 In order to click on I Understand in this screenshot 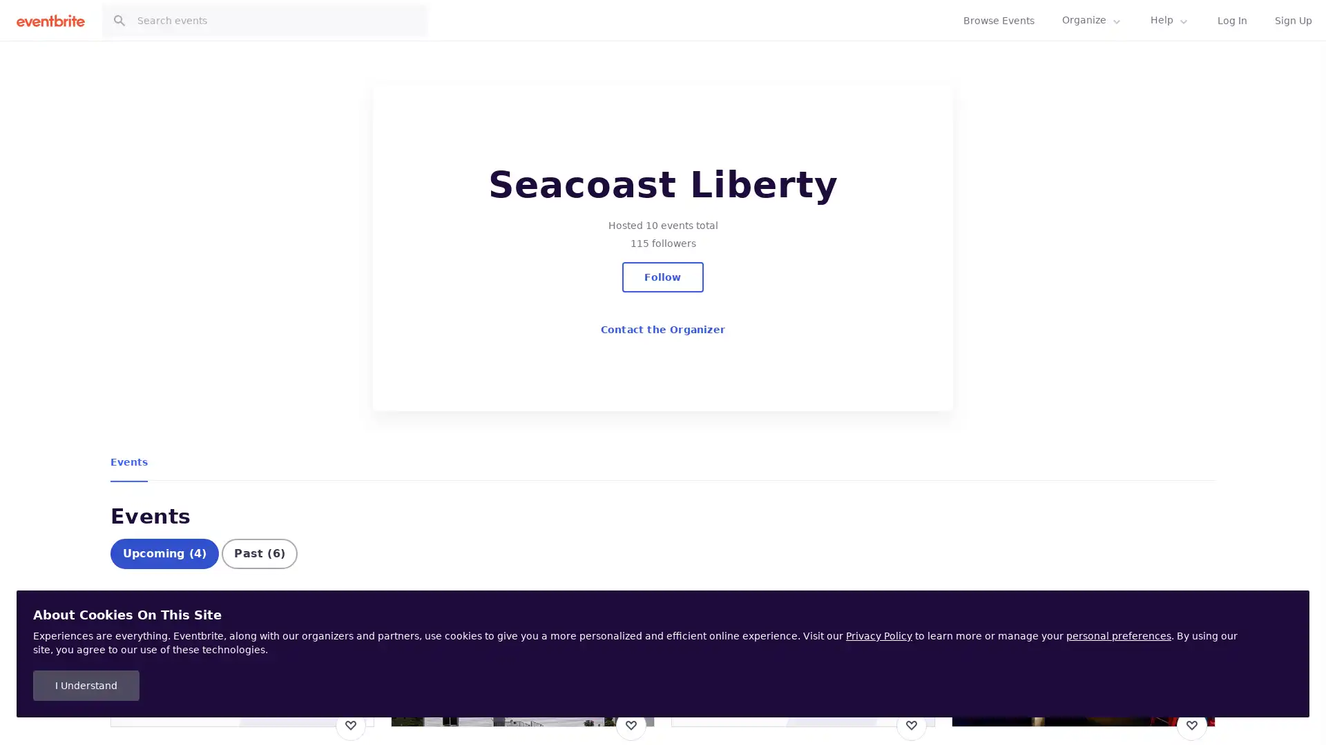, I will do `click(85, 686)`.